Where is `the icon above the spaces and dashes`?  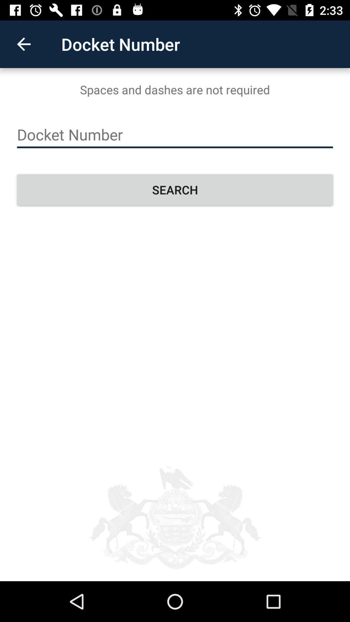
the icon above the spaces and dashes is located at coordinates (23, 44).